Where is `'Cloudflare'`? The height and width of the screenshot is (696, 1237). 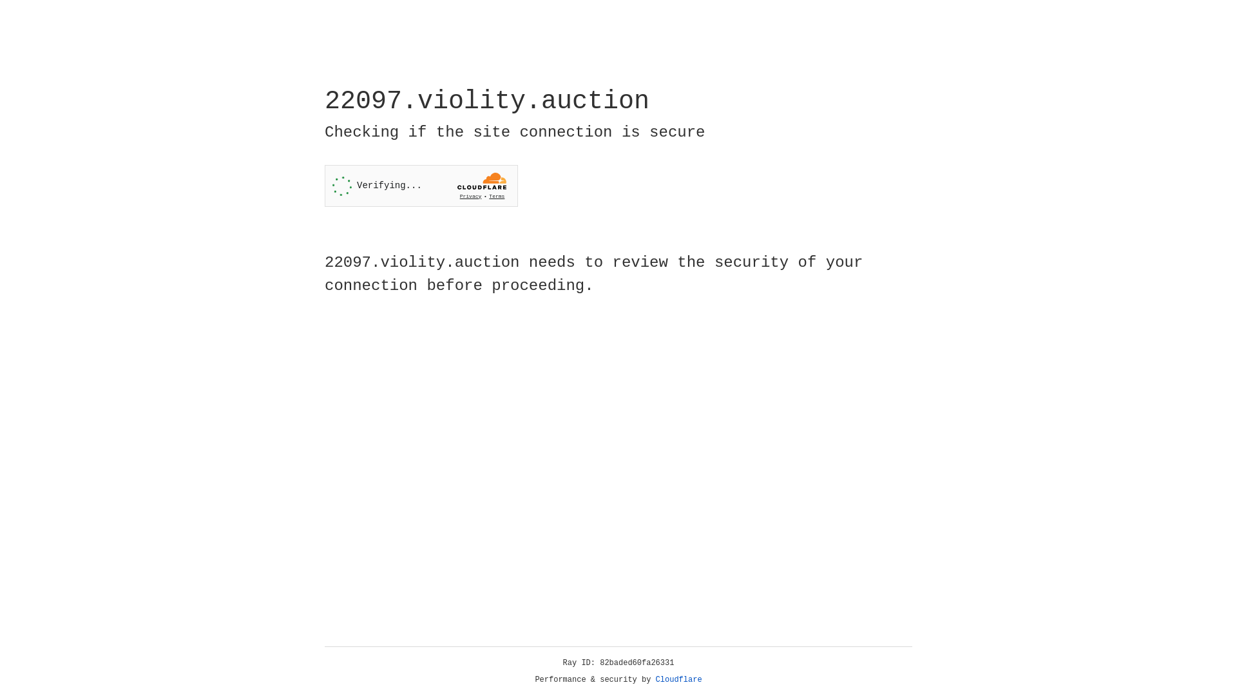 'Cloudflare' is located at coordinates (678, 679).